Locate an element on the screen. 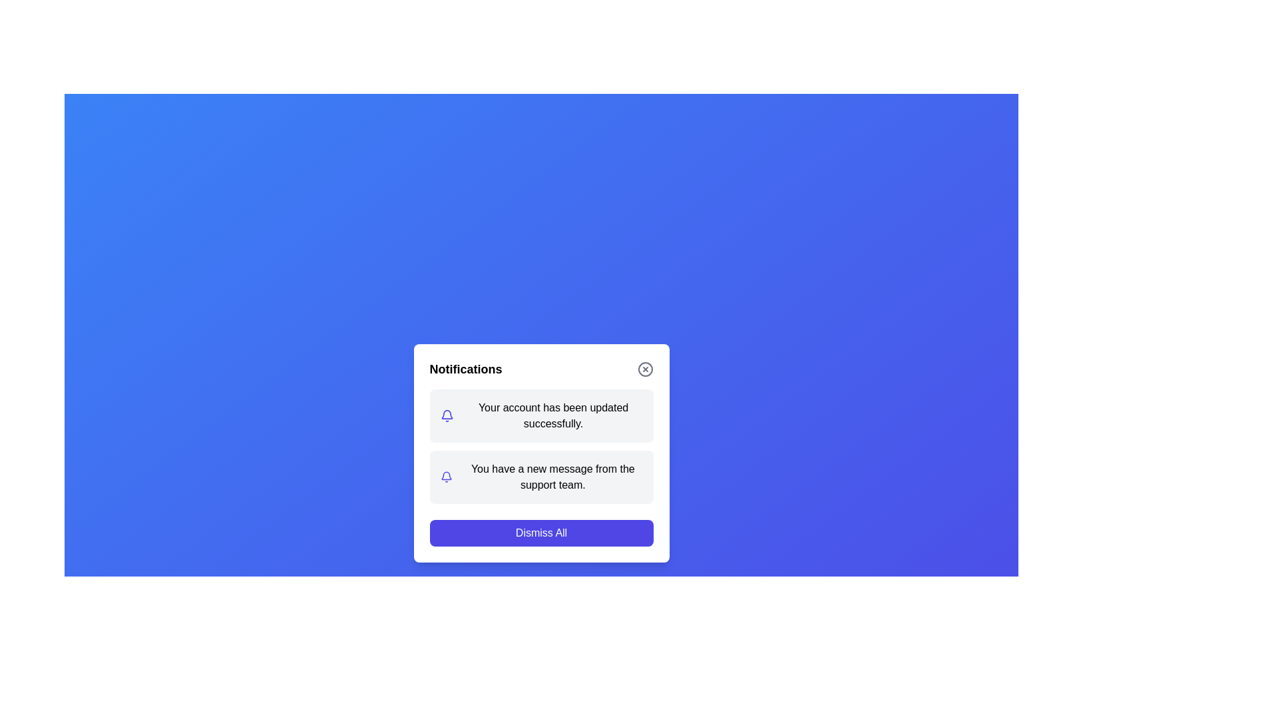 This screenshot has height=719, width=1278. static text message stating 'You have a new message from the support team.' that is aligned to the right of the bell icon within the notifications card is located at coordinates (552, 477).